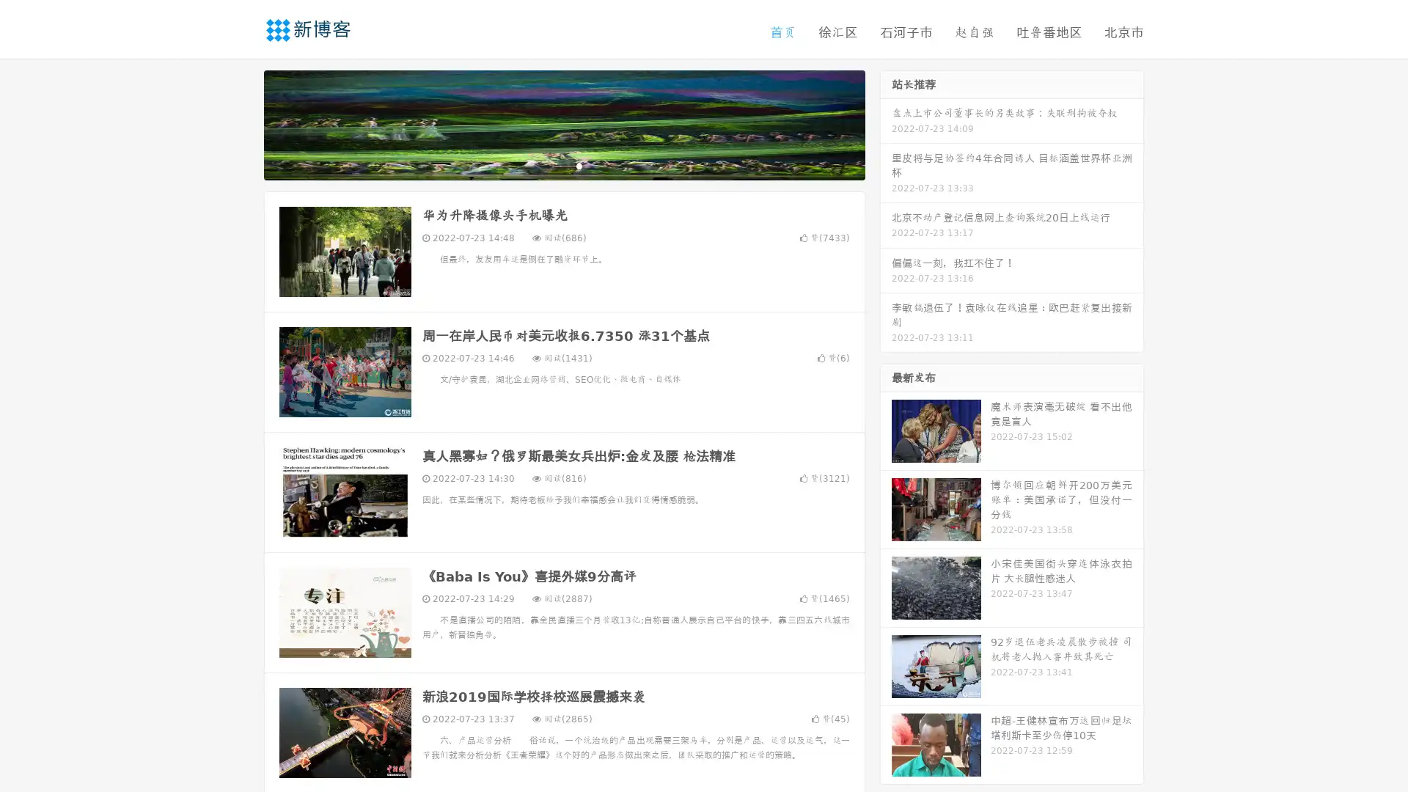 Image resolution: width=1408 pixels, height=792 pixels. I want to click on Next slide, so click(886, 123).